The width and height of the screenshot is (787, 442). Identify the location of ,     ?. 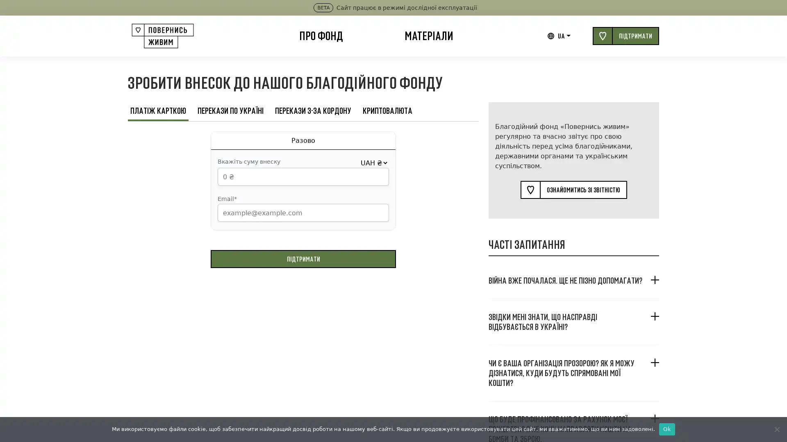
(573, 321).